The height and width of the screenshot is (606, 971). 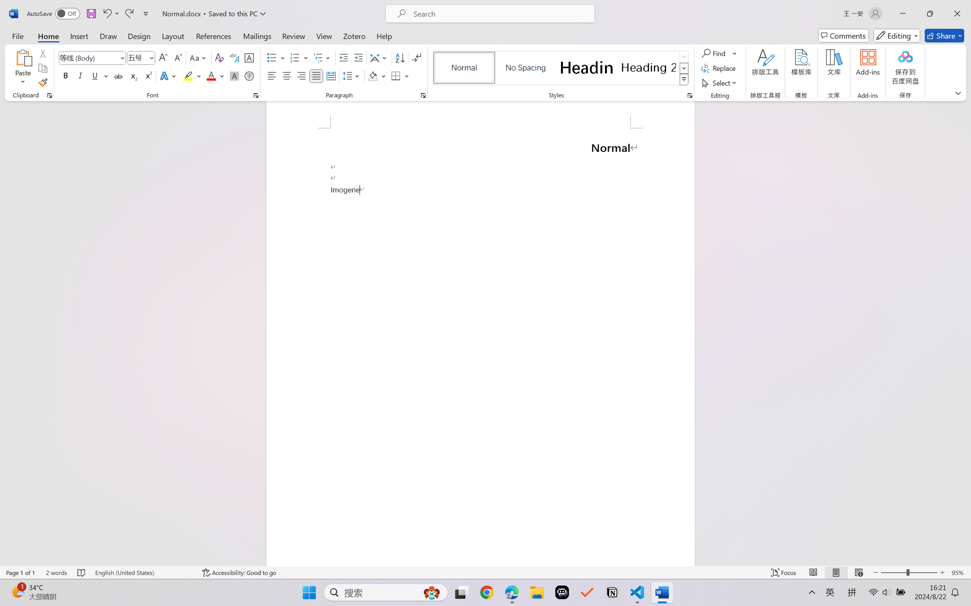 What do you see at coordinates (42, 53) in the screenshot?
I see `'Cut'` at bounding box center [42, 53].